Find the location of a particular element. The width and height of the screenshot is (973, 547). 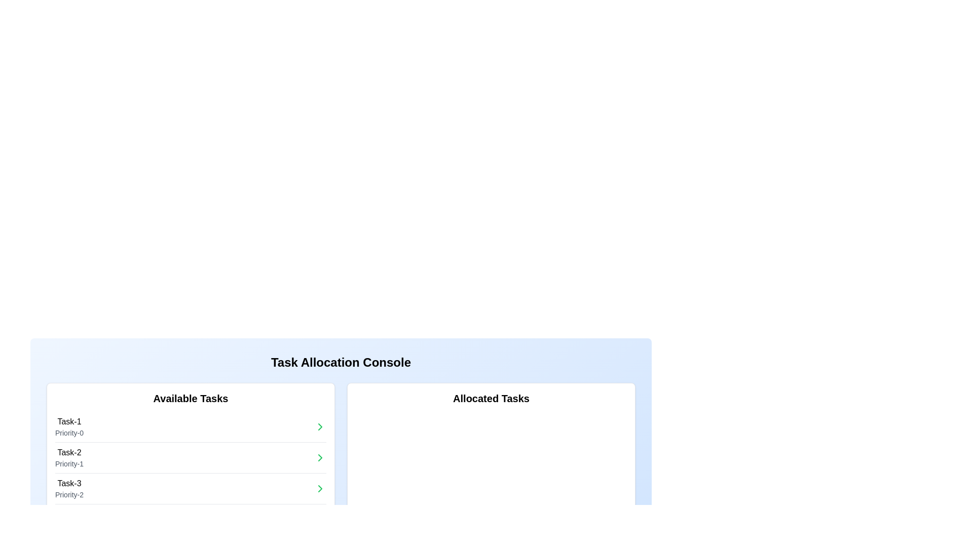

the 'Task-1' text label in the 'Available Tasks' section, which provides task details and priority information is located at coordinates (69, 427).